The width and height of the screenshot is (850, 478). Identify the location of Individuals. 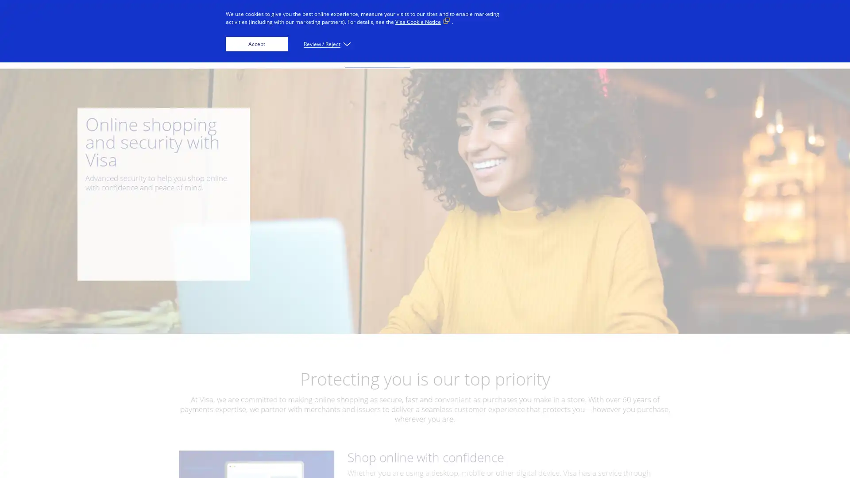
(352, 23).